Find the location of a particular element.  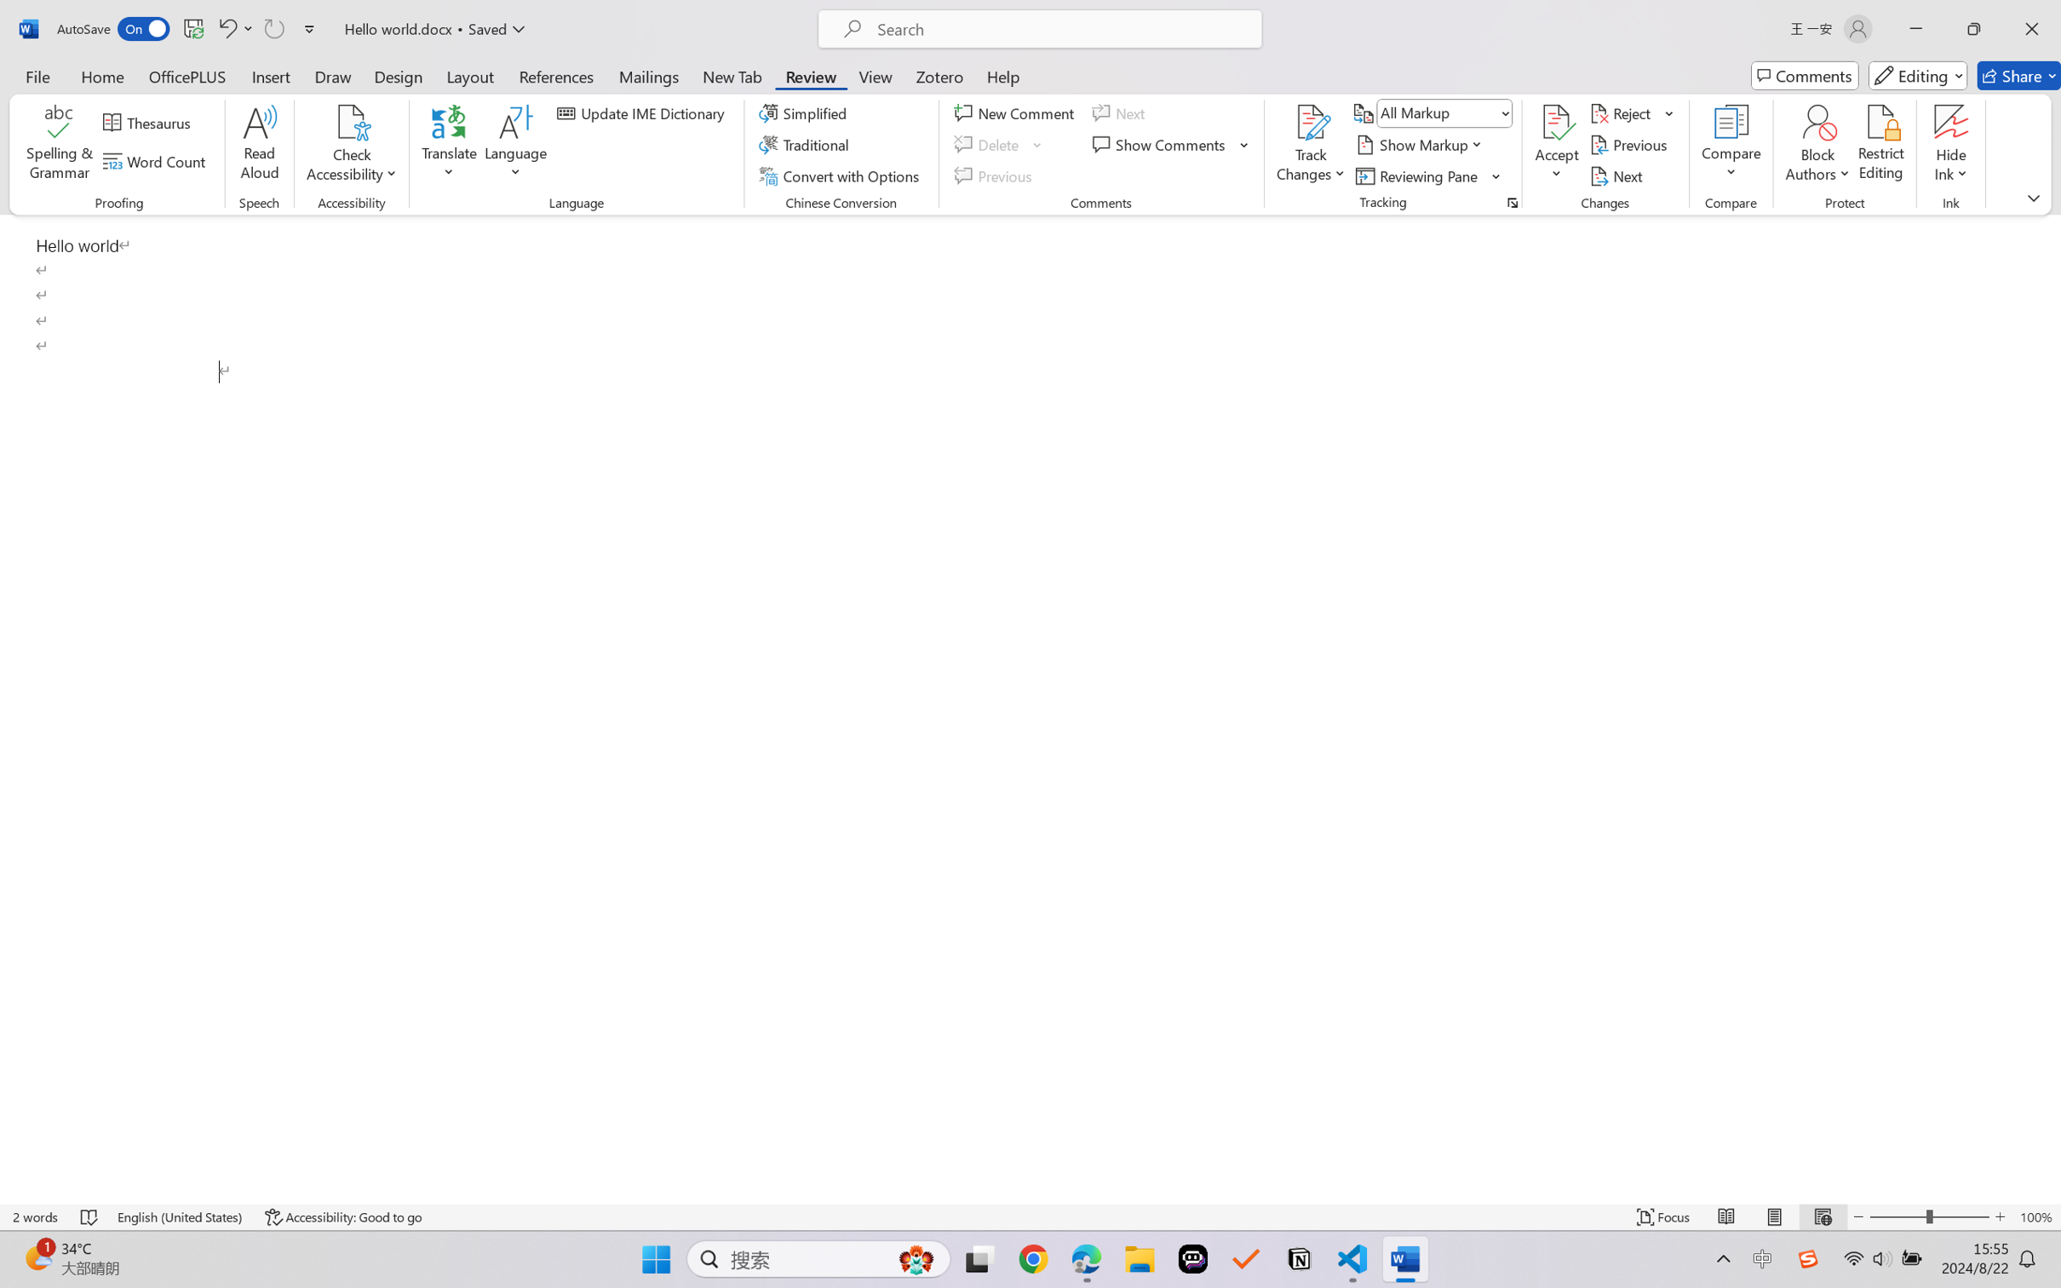

'Web Layout' is located at coordinates (1822, 1216).